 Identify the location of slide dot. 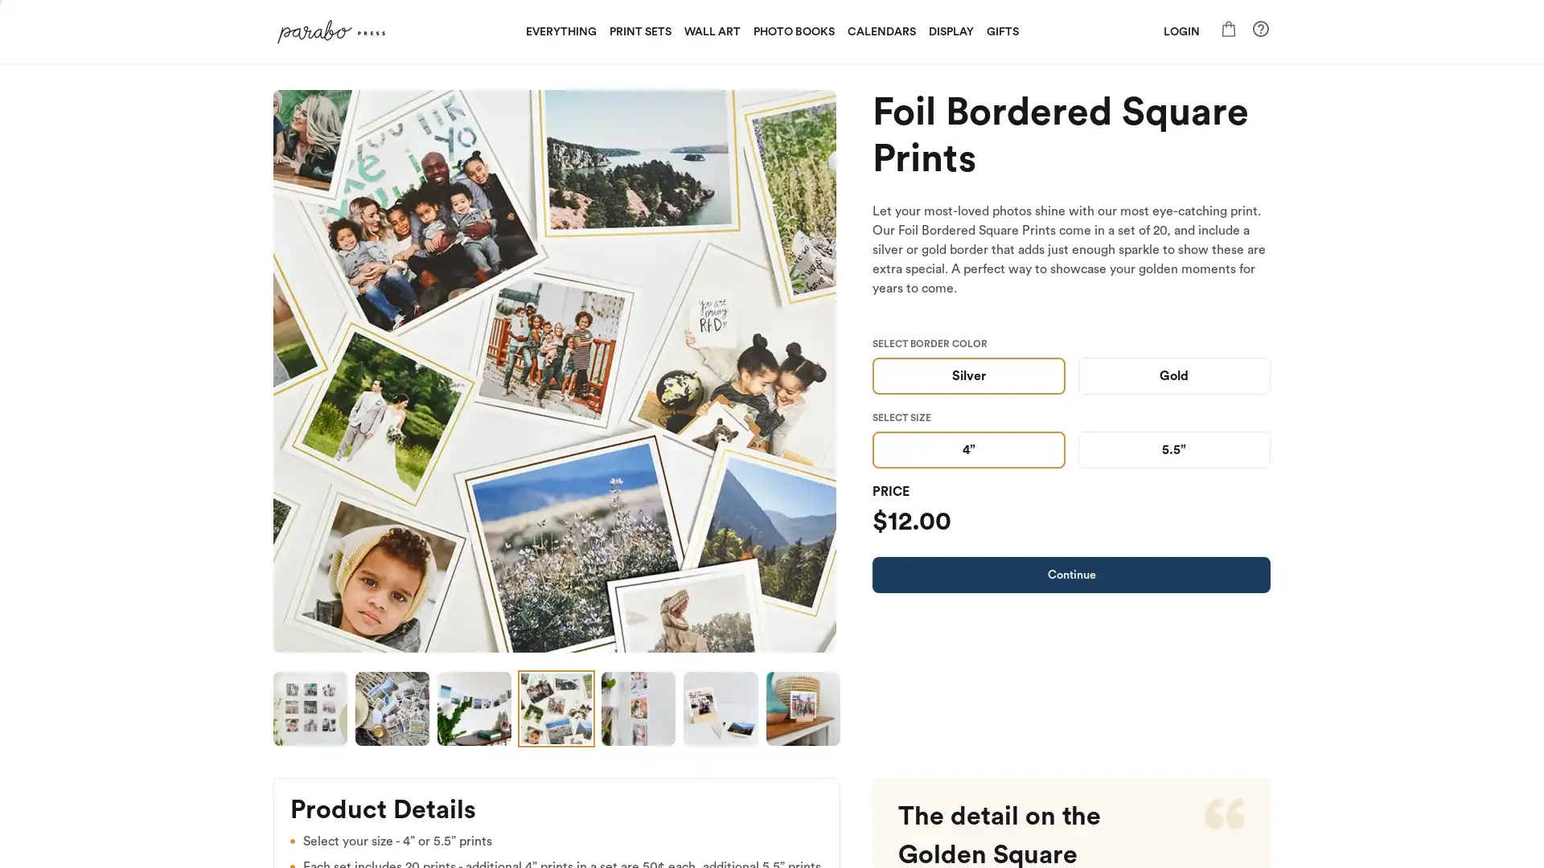
(392, 708).